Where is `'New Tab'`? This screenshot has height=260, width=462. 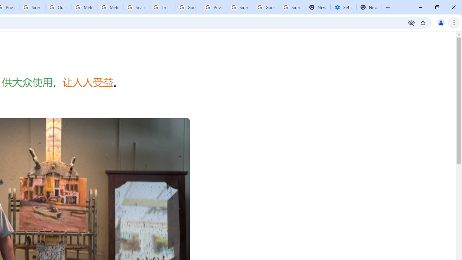 'New Tab' is located at coordinates (369, 7).